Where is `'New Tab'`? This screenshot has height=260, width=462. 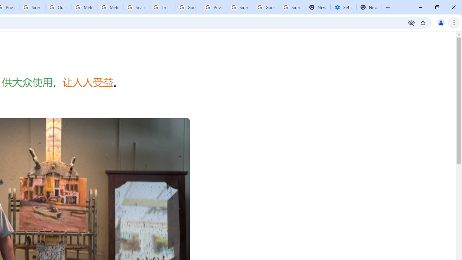 'New Tab' is located at coordinates (369, 7).